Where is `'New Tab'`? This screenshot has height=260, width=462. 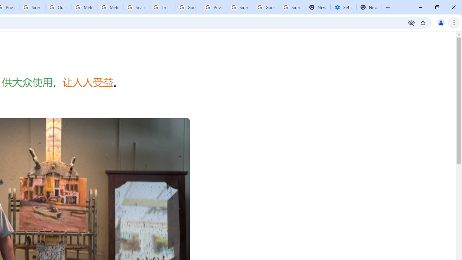 'New Tab' is located at coordinates (369, 7).